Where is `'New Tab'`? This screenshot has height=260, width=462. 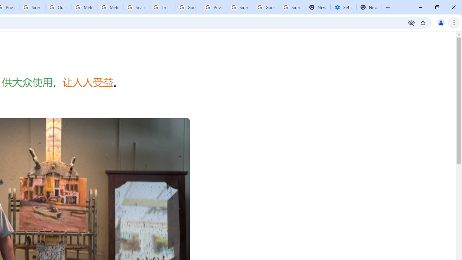 'New Tab' is located at coordinates (369, 7).